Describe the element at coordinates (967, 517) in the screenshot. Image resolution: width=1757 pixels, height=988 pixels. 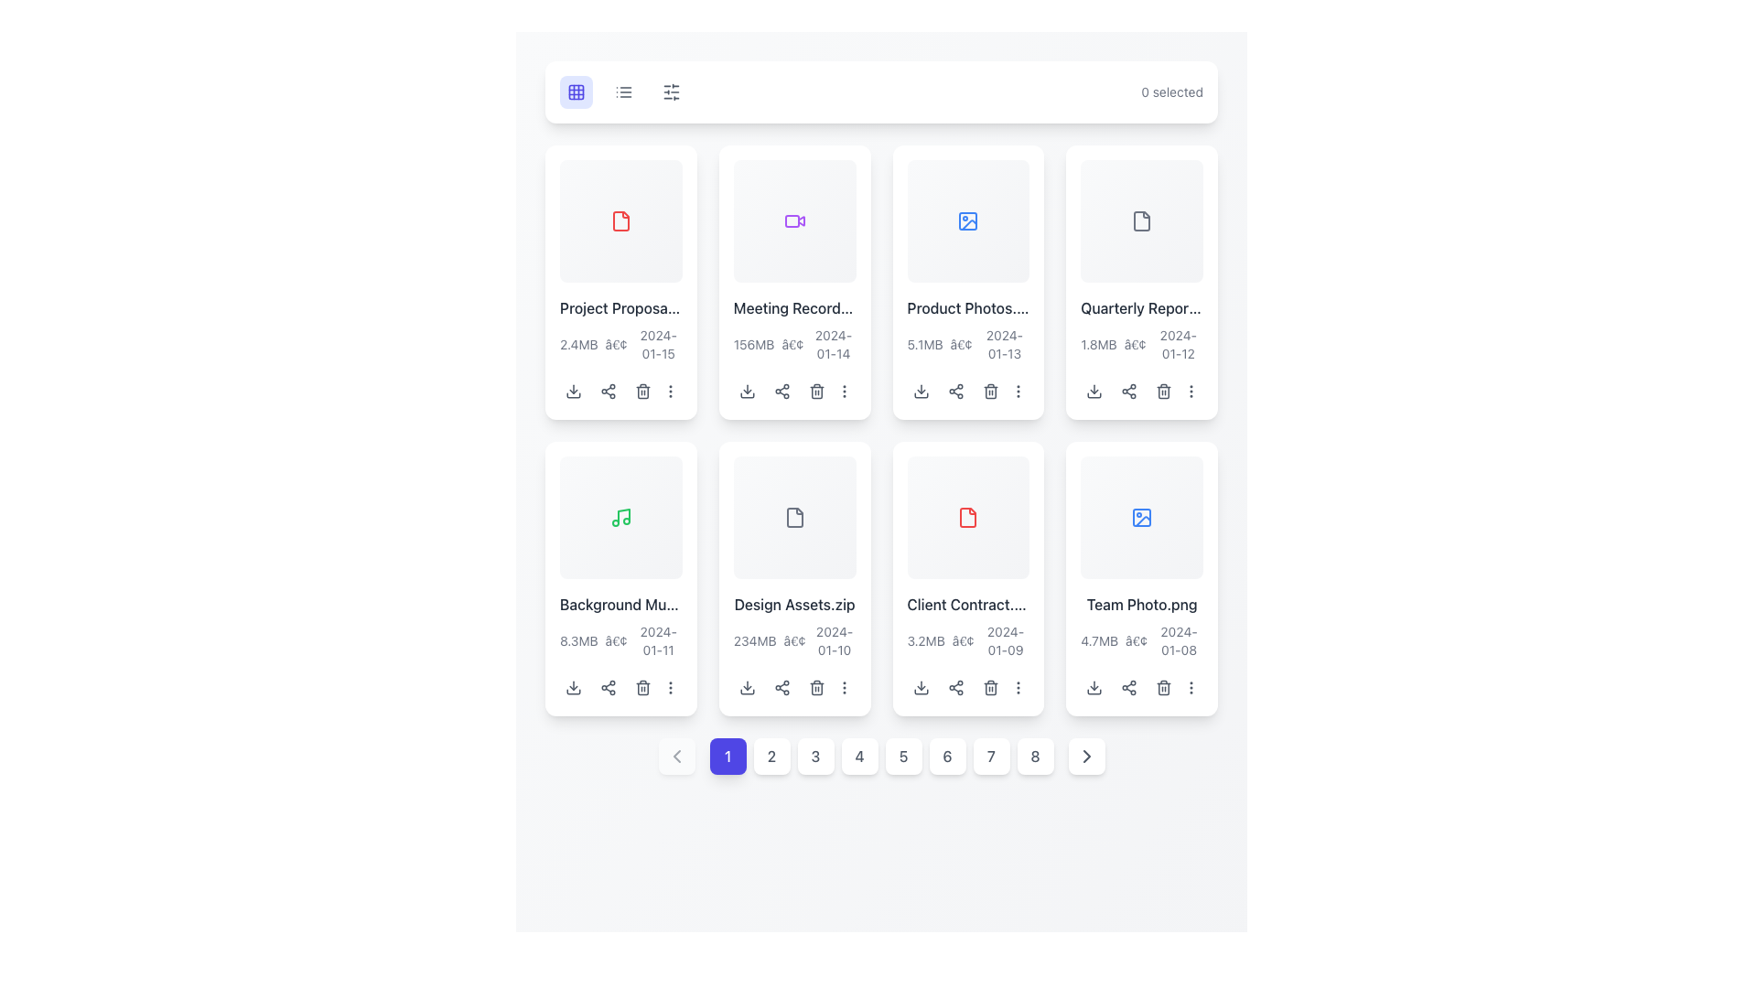
I see `the file icon representing the 'Client Contract.pdf' document in the second row, fourth column of the grid layout for additional details about the document` at that location.